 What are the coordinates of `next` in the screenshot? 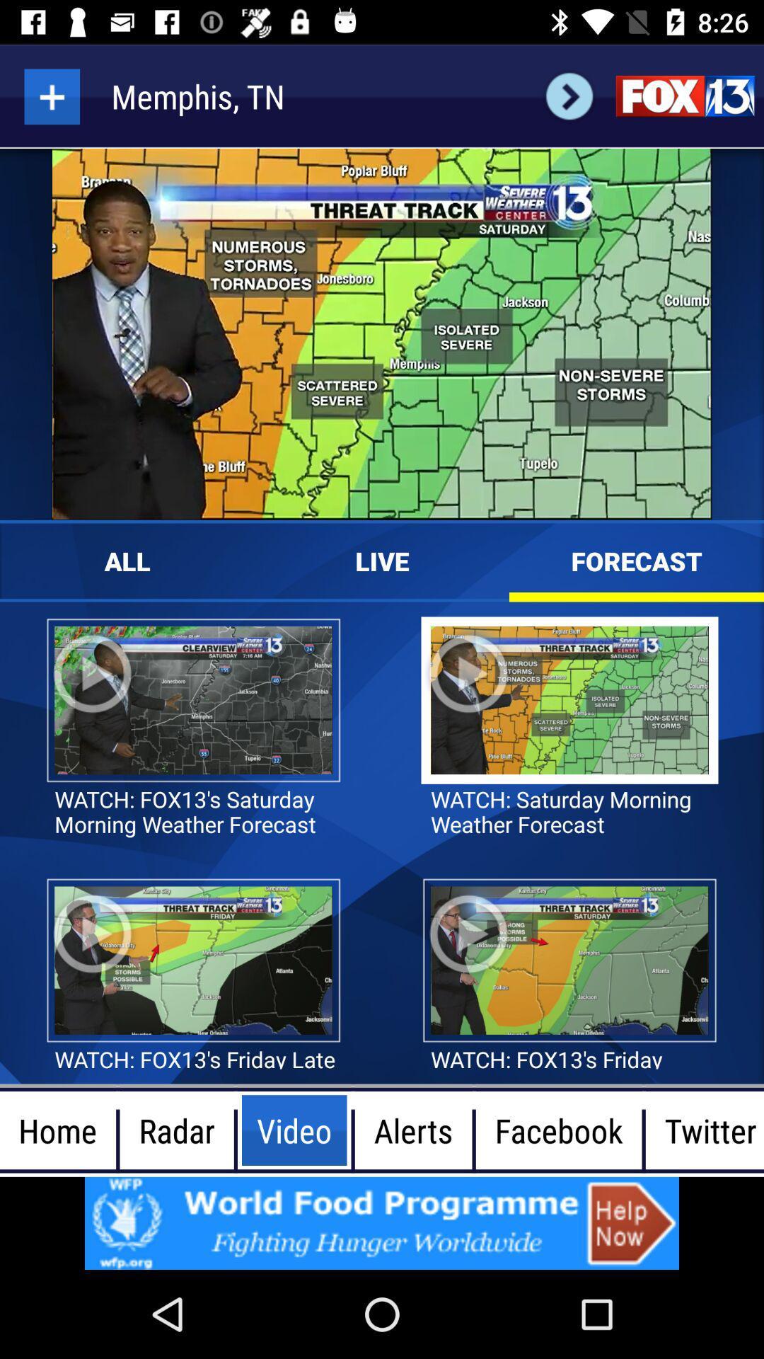 It's located at (569, 96).